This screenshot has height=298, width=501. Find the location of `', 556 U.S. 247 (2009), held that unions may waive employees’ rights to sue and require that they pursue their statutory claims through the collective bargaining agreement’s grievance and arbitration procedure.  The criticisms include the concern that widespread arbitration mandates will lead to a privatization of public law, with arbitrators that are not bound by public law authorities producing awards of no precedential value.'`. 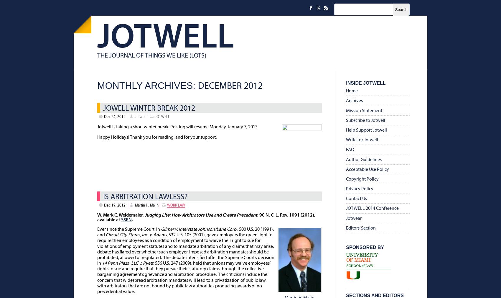

', 556 U.S. 247 (2009), held that unions may waive employees’ rights to sue and require that they pursue their statutory claims through the collective bargaining agreement’s grievance and arbitration procedure.  The criticisms include the concern that widespread arbitration mandates will lead to a privatization of public law, with arbitrators that are not bound by public law authorities producing awards of no precedential value.' is located at coordinates (183, 278).